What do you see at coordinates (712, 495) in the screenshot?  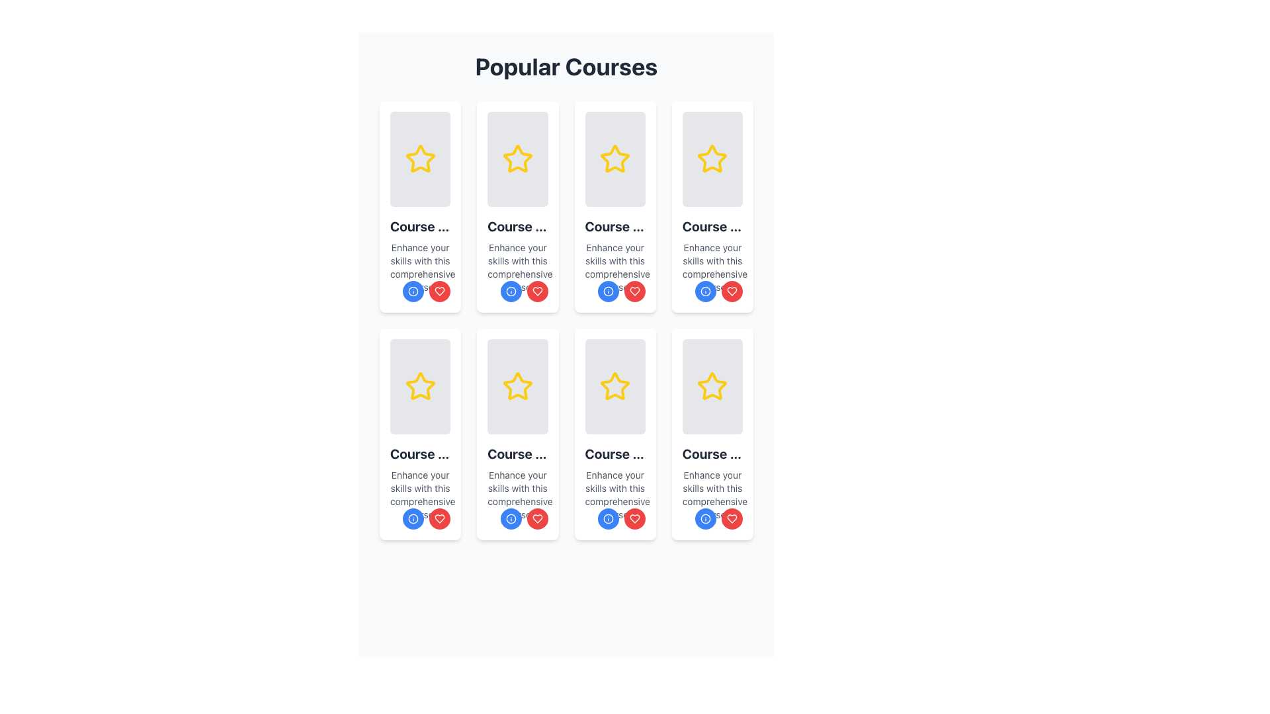 I see `text that serves as a short description or subtitle accompanying the course title located in the eighth card of the grid layout, positioned below 'Course Title 8'` at bounding box center [712, 495].